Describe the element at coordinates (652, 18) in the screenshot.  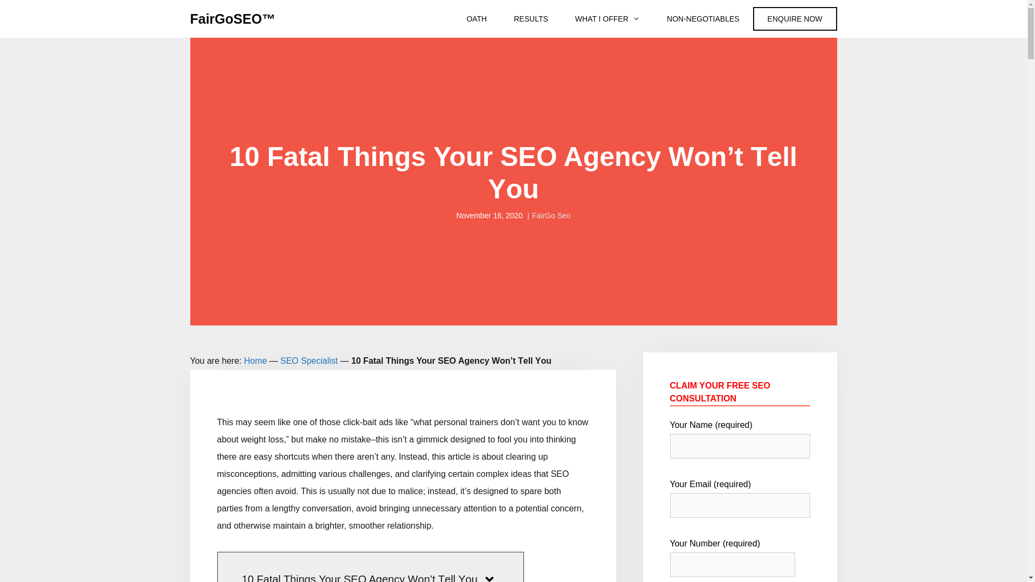
I see `'NON-NEGOTIABLES'` at that location.